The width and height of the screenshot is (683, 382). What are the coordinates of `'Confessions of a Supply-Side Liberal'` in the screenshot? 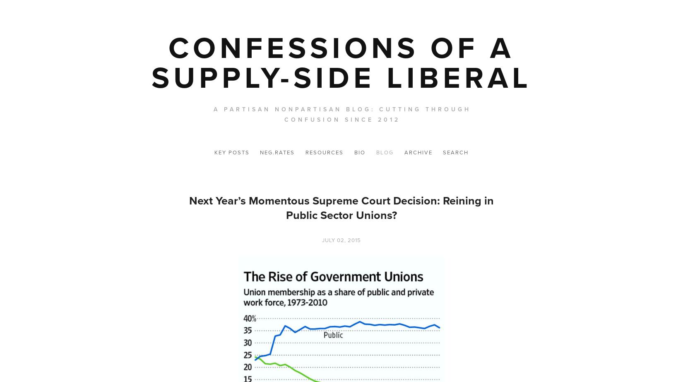 It's located at (341, 62).